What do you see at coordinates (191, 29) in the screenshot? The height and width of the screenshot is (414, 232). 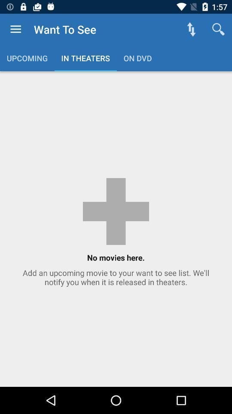 I see `the item next to the want to see app` at bounding box center [191, 29].